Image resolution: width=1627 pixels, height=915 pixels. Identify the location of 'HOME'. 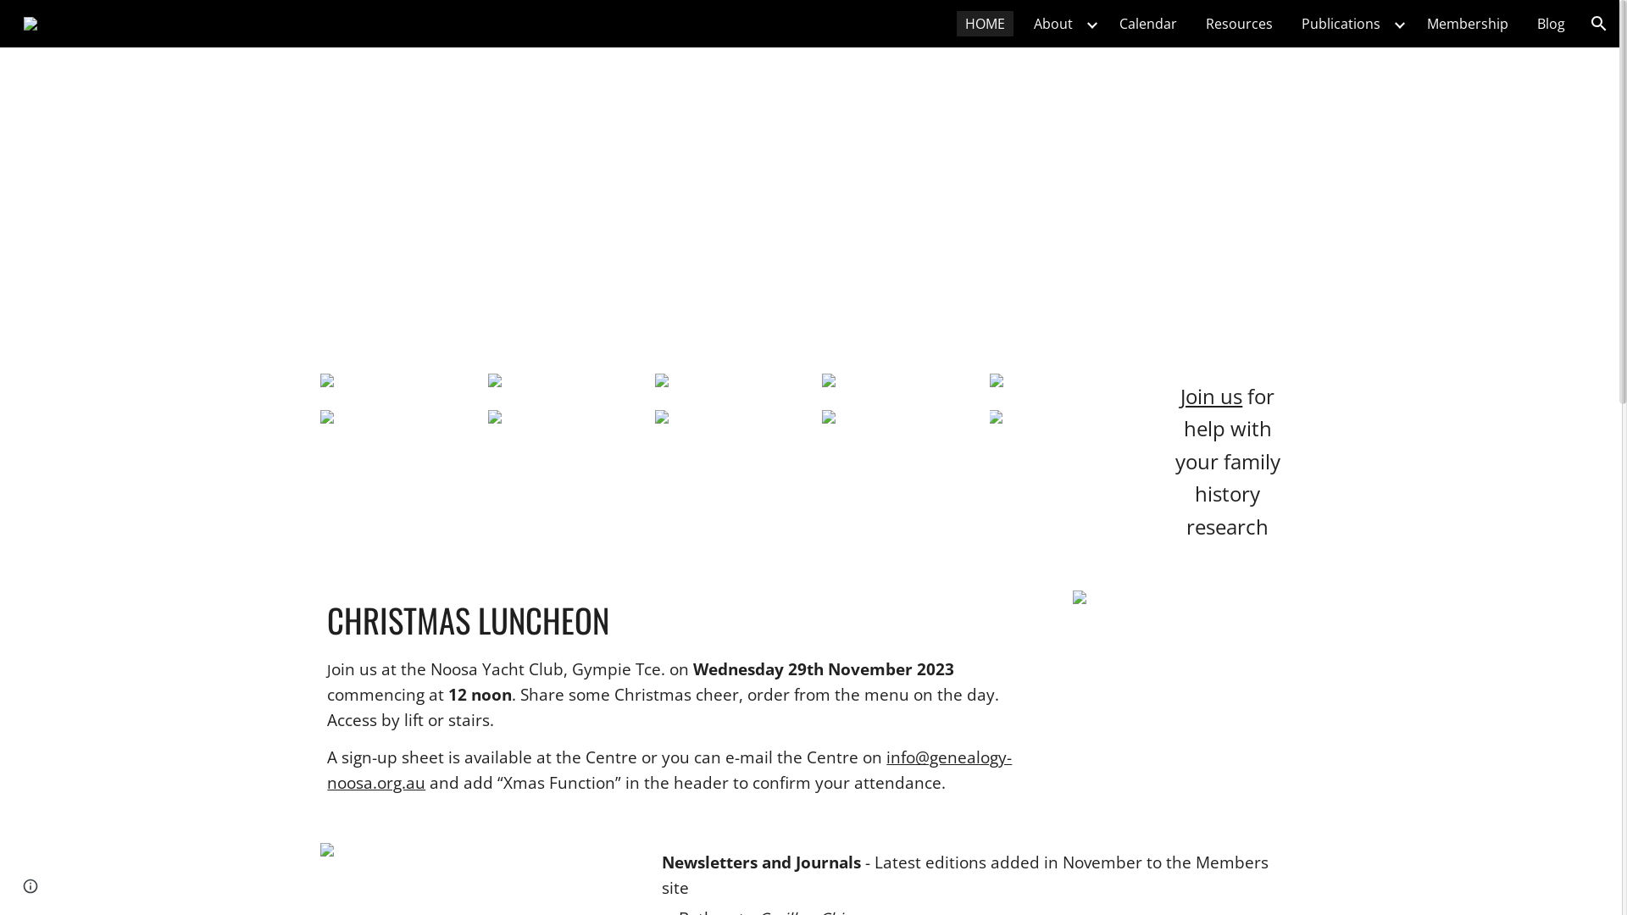
(985, 23).